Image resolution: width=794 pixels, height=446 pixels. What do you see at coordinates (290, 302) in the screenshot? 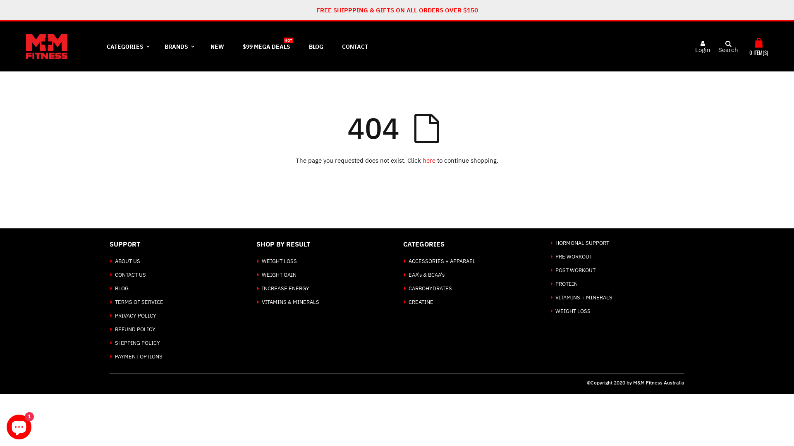
I see `'VITAMINS & MINERALS'` at bounding box center [290, 302].